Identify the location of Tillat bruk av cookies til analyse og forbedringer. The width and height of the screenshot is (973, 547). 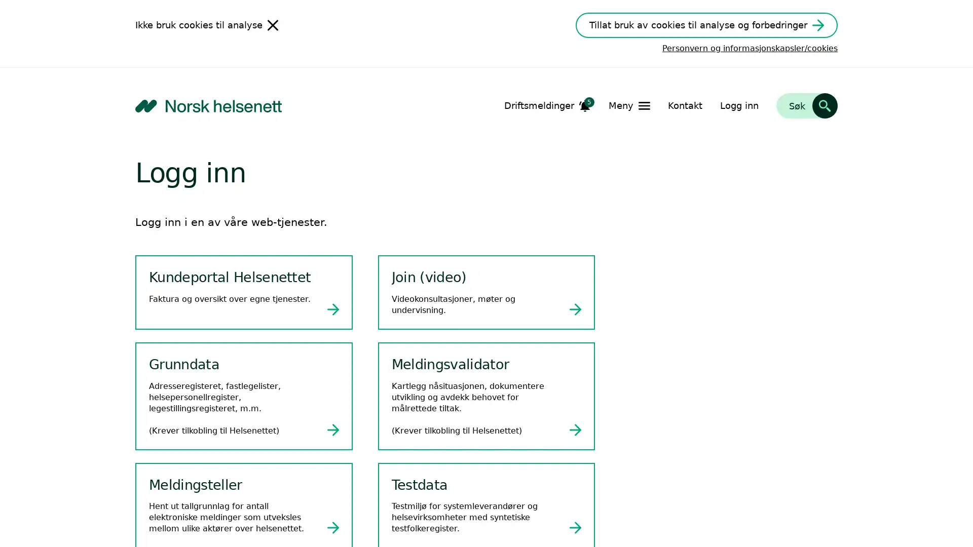
(706, 25).